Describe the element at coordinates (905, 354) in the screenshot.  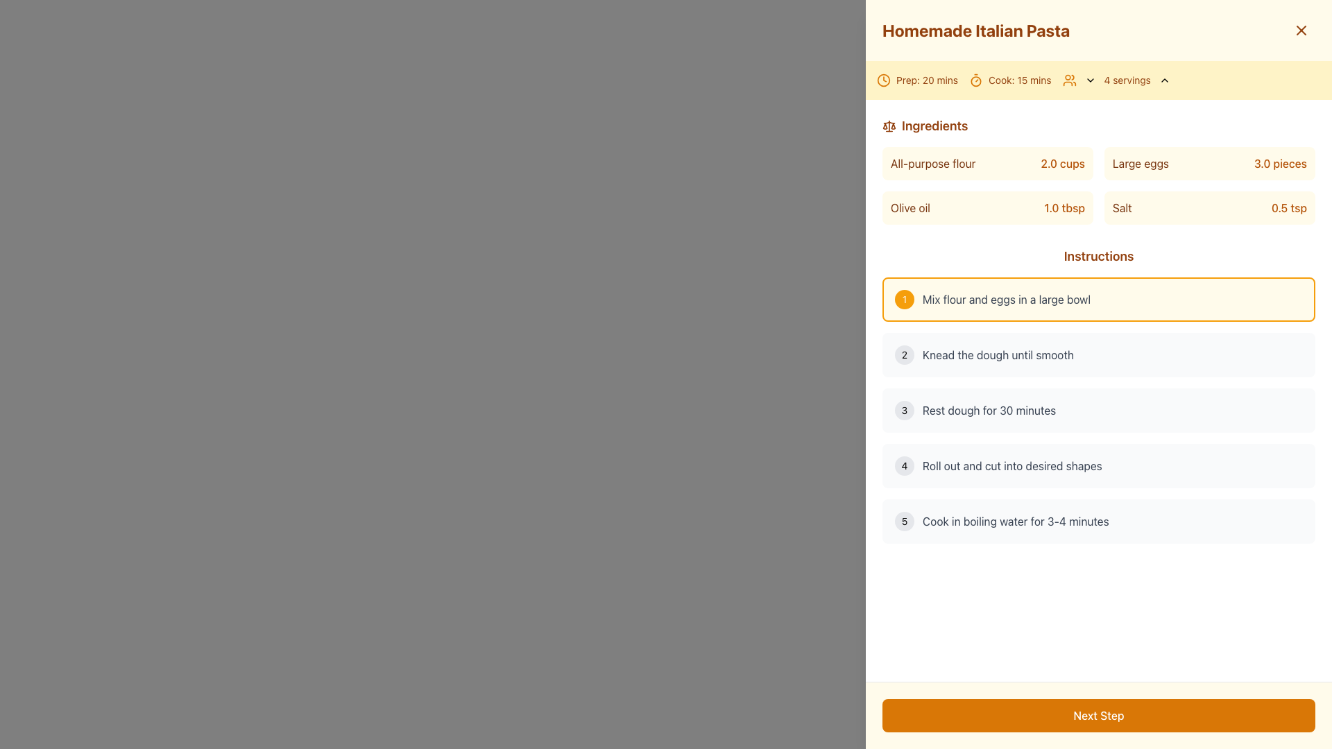
I see `the circular badge with a light gray background and the black numeral '2' centered inside, which indicates the second step in the instruction list next to 'Knead the dough until smooth'` at that location.